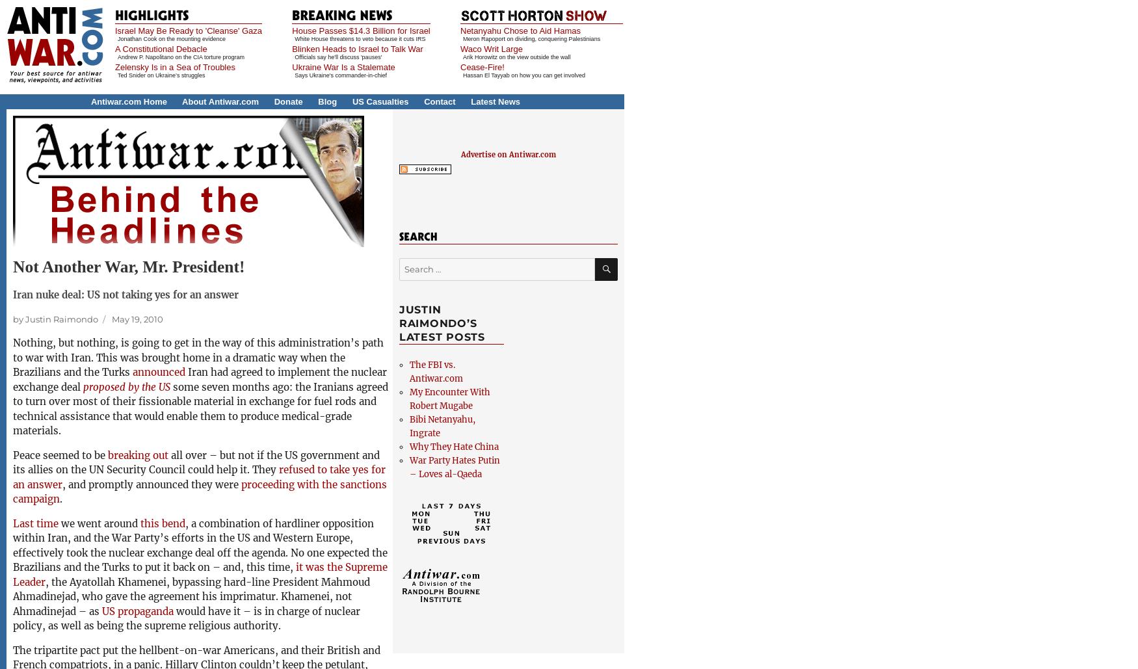 The width and height of the screenshot is (1138, 669). What do you see at coordinates (360, 31) in the screenshot?
I see `'House Passes $14.3 Billion for Israel'` at bounding box center [360, 31].